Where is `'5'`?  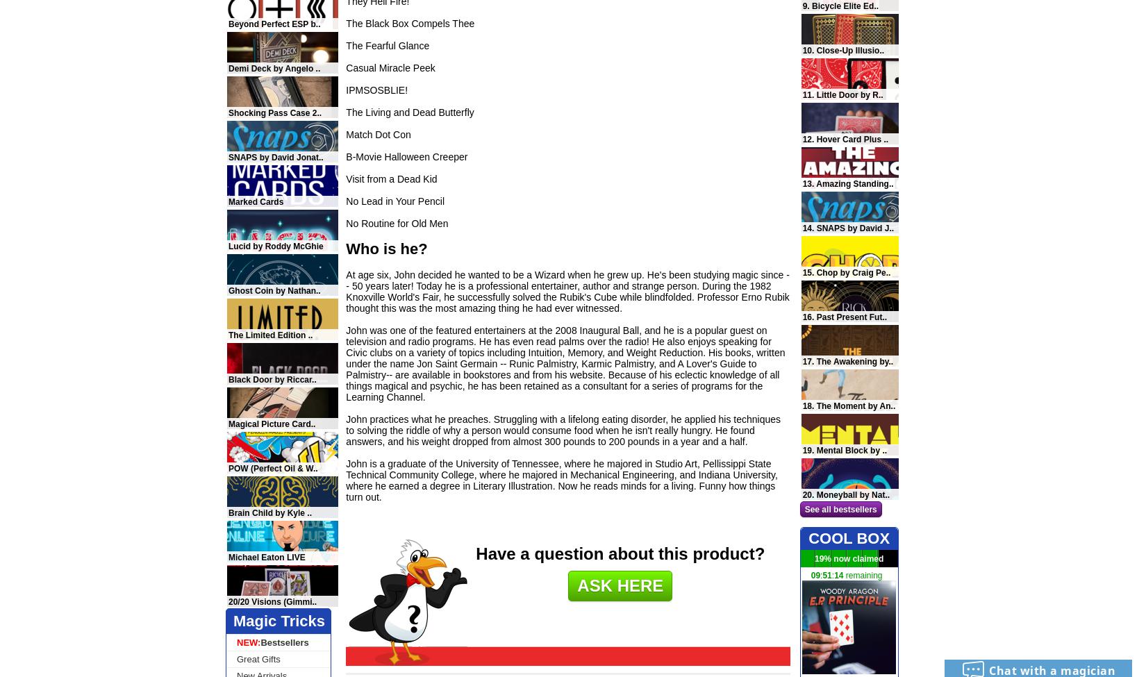 '5' is located at coordinates (824, 576).